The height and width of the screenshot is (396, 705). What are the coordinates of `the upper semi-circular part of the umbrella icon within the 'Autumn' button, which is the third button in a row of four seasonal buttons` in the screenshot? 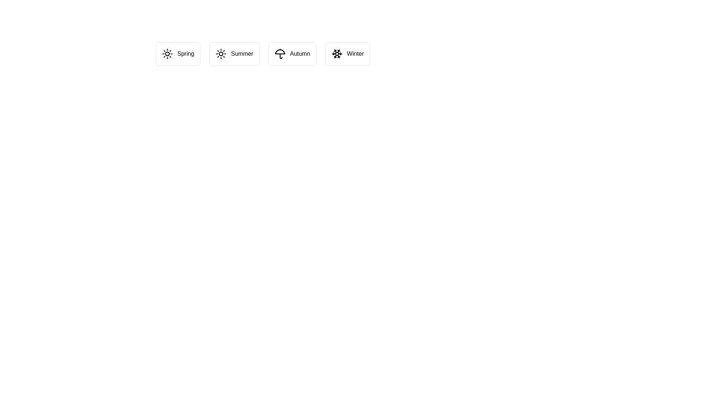 It's located at (279, 51).